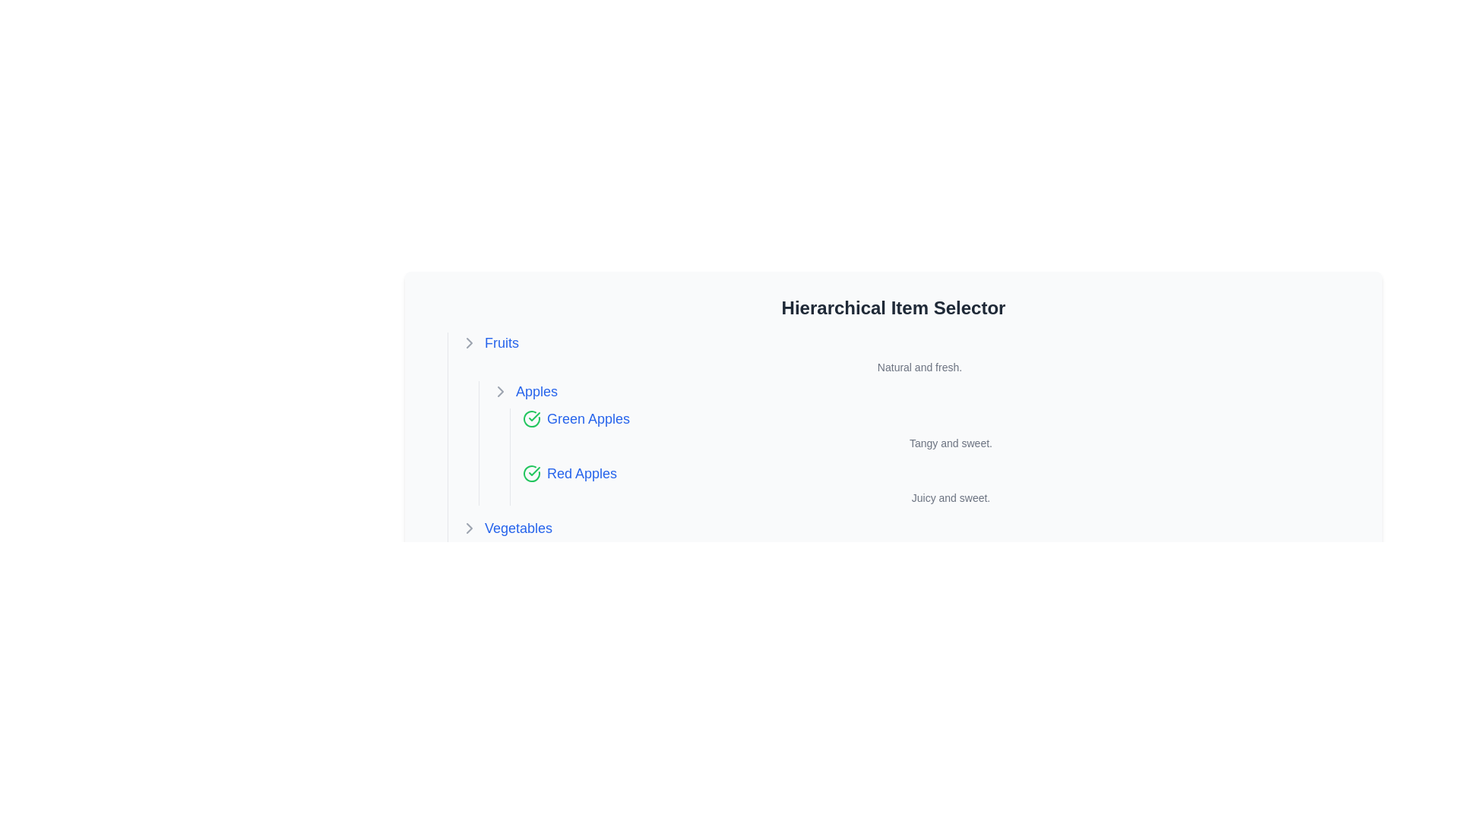 The height and width of the screenshot is (820, 1459). I want to click on the static textual information element that provides supplementary text for the 'Fruits' category, positioned below the 'Fruits' header and above the 'Apples' section, so click(909, 367).